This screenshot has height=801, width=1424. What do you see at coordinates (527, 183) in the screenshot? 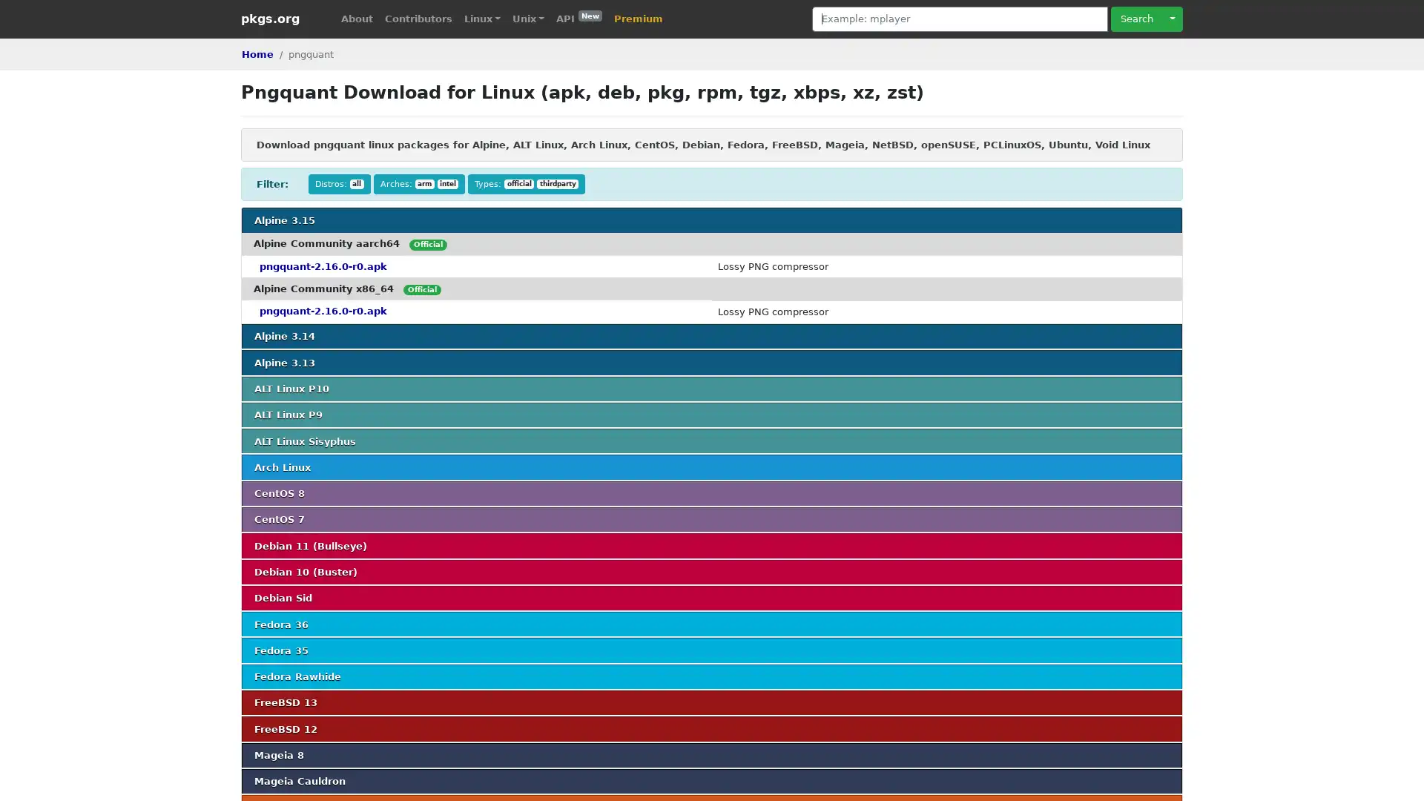
I see `Types: officialthirdparty` at bounding box center [527, 183].